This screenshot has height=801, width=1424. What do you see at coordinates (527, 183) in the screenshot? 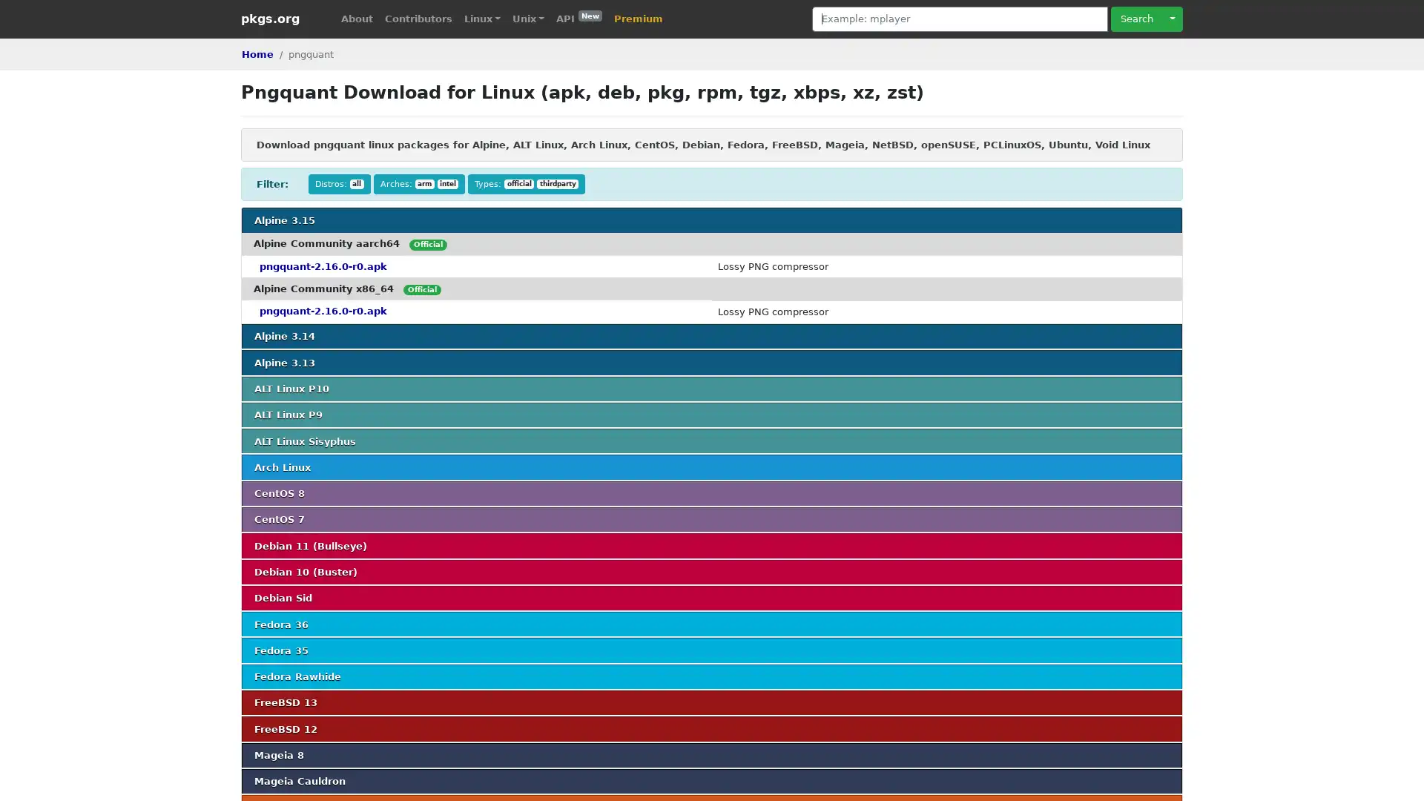
I see `Types: officialthirdparty` at bounding box center [527, 183].